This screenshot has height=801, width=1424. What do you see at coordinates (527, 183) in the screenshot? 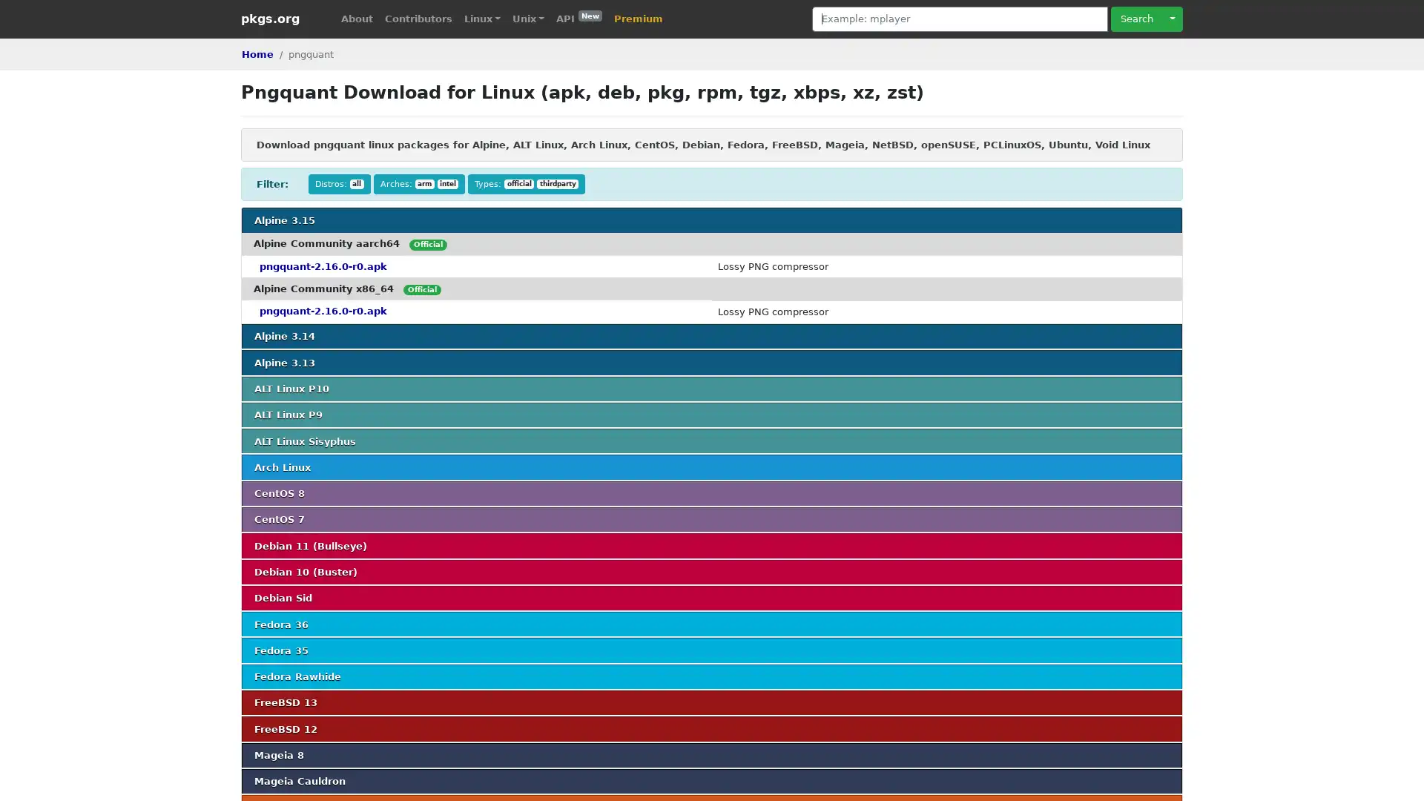
I see `Types: officialthirdparty` at bounding box center [527, 183].